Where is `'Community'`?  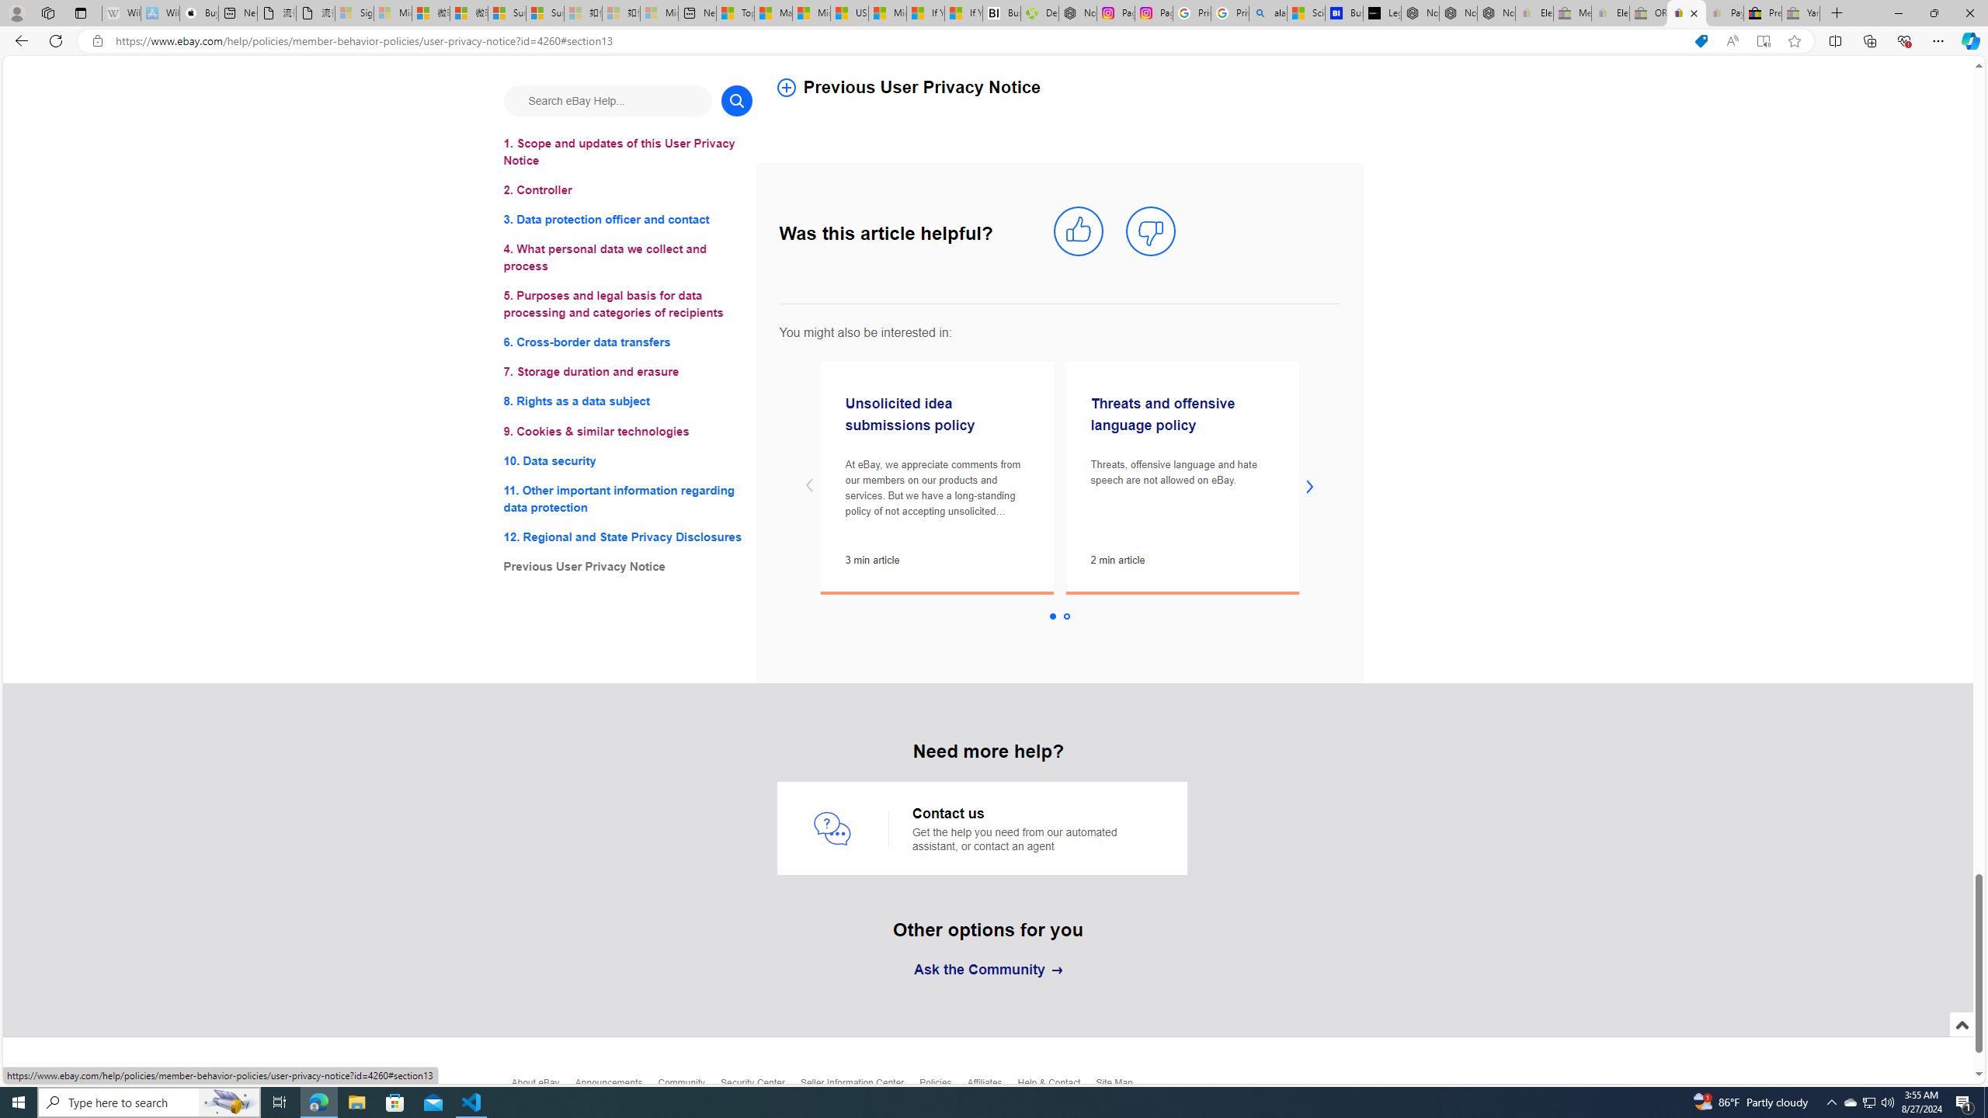
'Community' is located at coordinates (688, 1085).